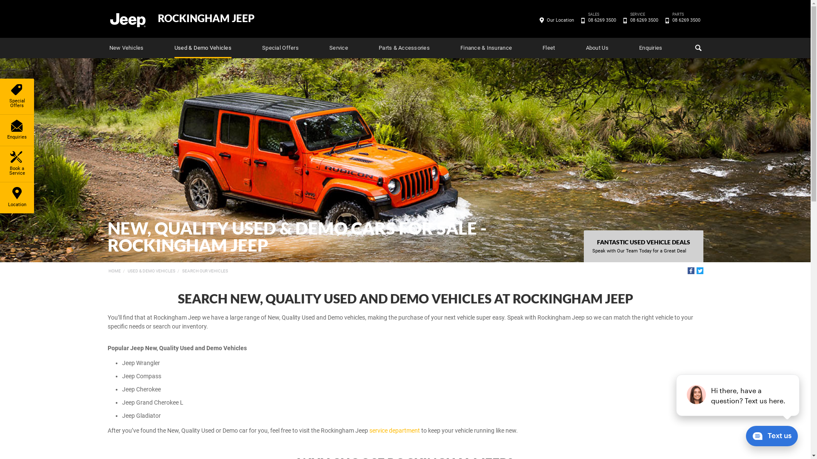 This screenshot has height=459, width=817. I want to click on 'USED & DEMO VEHICLES', so click(127, 271).